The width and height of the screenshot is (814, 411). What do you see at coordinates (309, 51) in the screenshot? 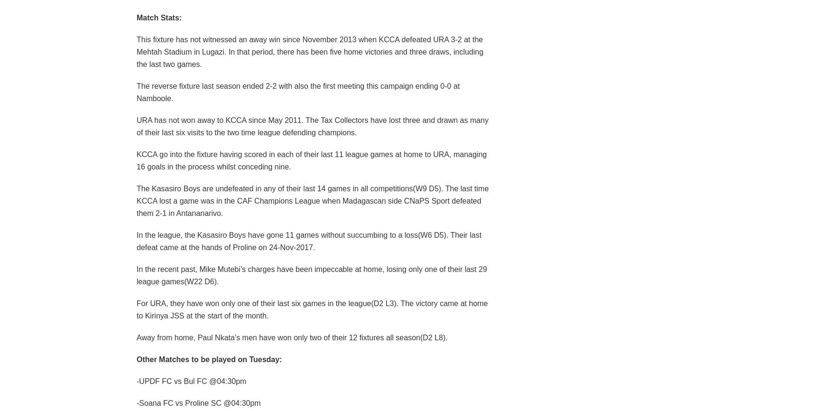
I see `'This fixture has not witnessed an away win since November 2013 when KCCA defeated URA 3-2 at the Mehtah Stadium in Lugazi. In that period, there has been five home victories and three draws, including the last two games.'` at bounding box center [309, 51].